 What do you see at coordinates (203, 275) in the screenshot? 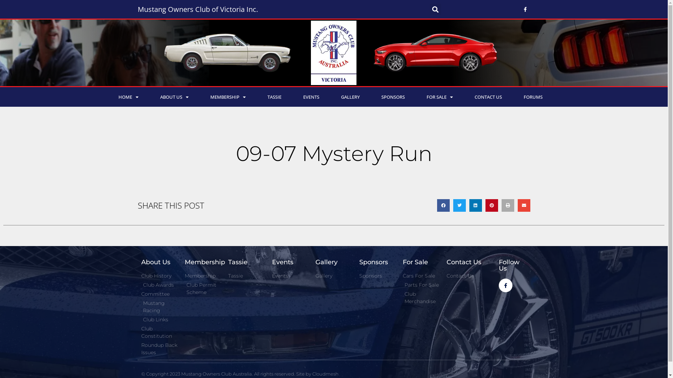
I see `'Membership'` at bounding box center [203, 275].